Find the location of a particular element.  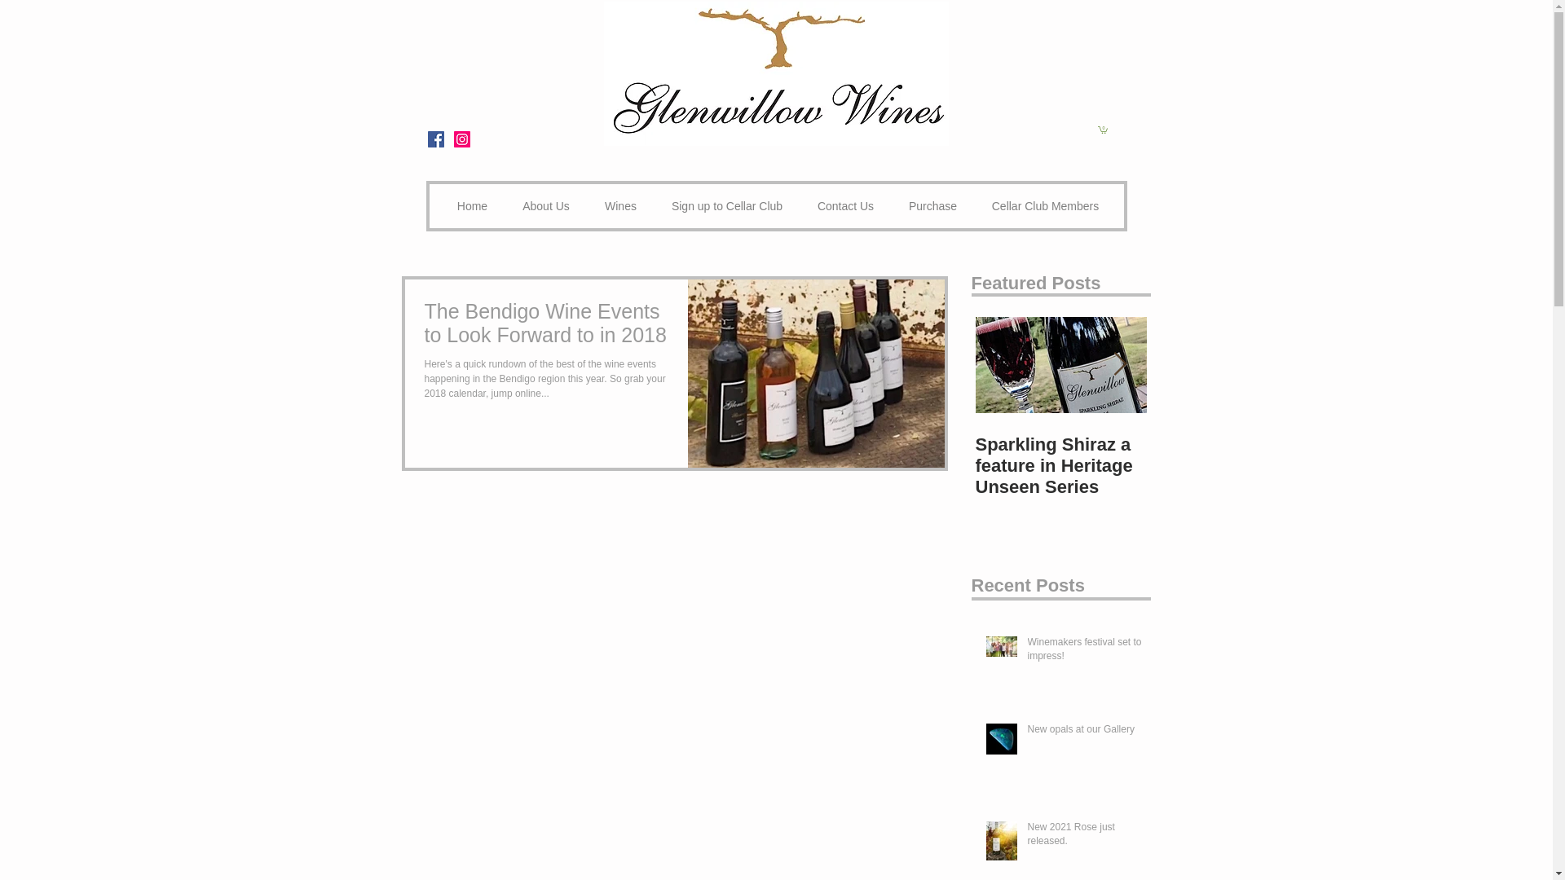

'The Bendigo Wine Events to Look Forward to in 2018' is located at coordinates (547, 328).